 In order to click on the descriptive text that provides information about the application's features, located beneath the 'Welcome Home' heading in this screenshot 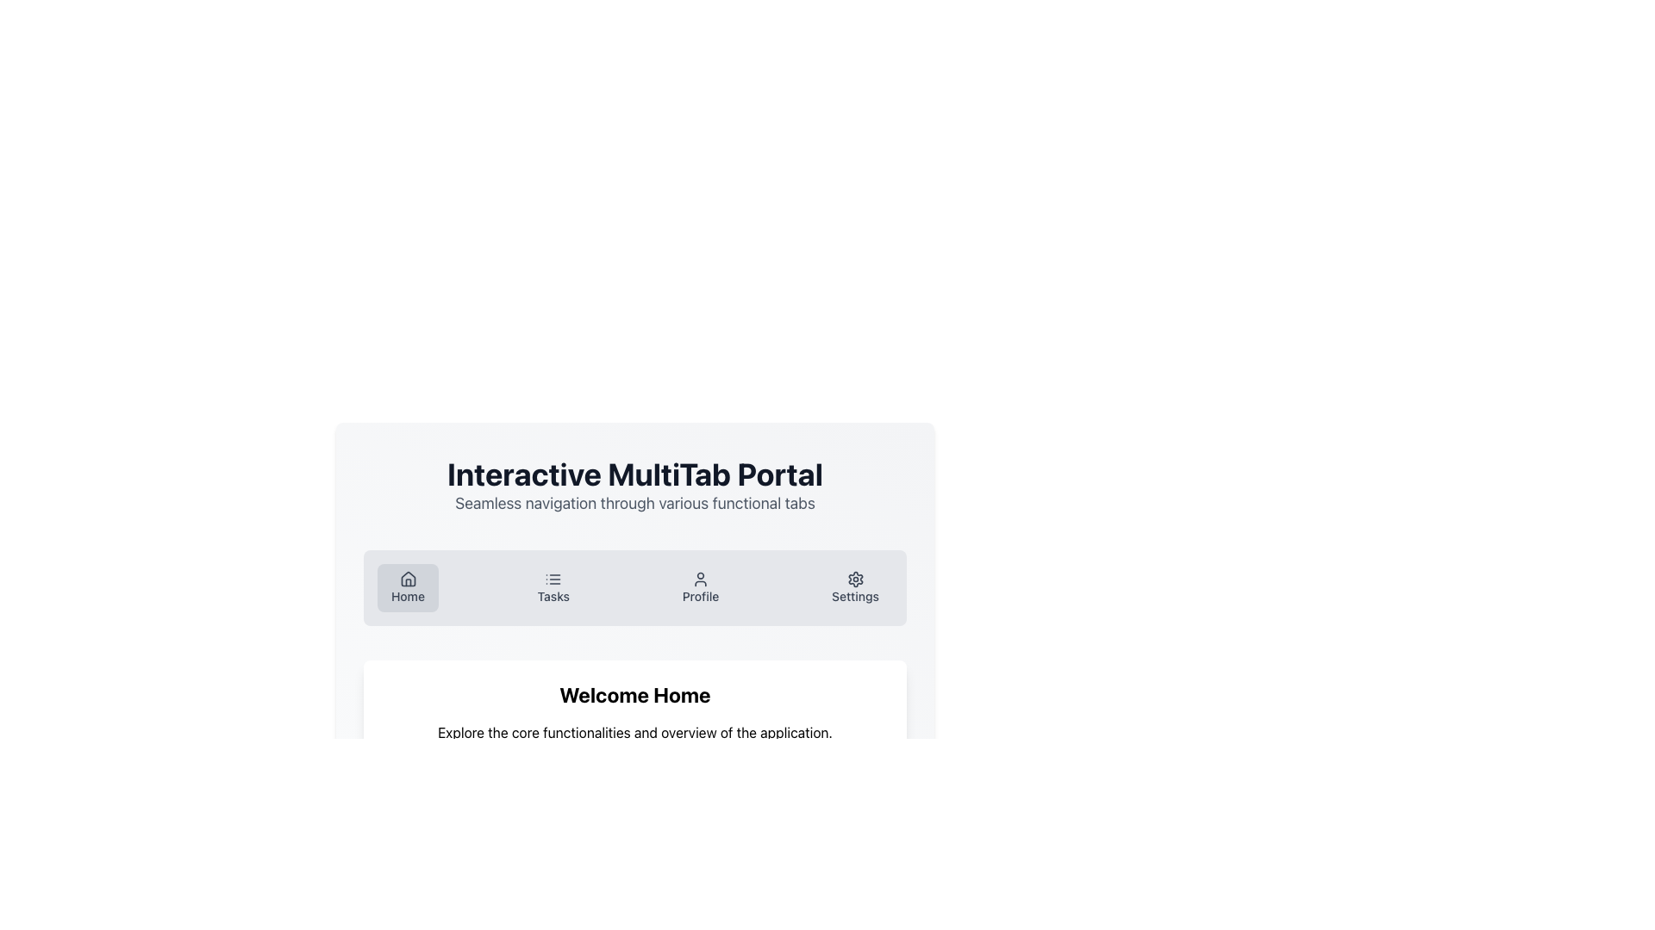, I will do `click(634, 733)`.